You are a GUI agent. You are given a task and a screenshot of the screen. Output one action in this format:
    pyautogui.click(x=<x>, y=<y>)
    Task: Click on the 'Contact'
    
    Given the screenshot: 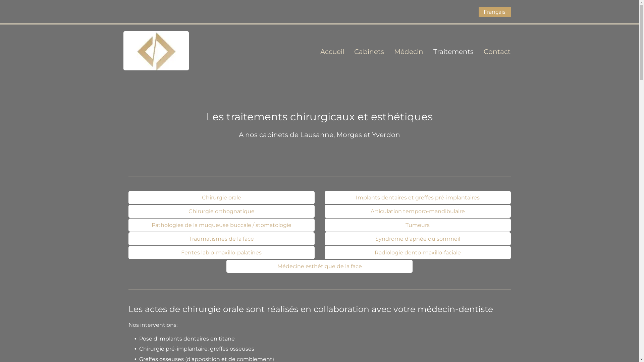 What is the action you would take?
    pyautogui.click(x=492, y=51)
    